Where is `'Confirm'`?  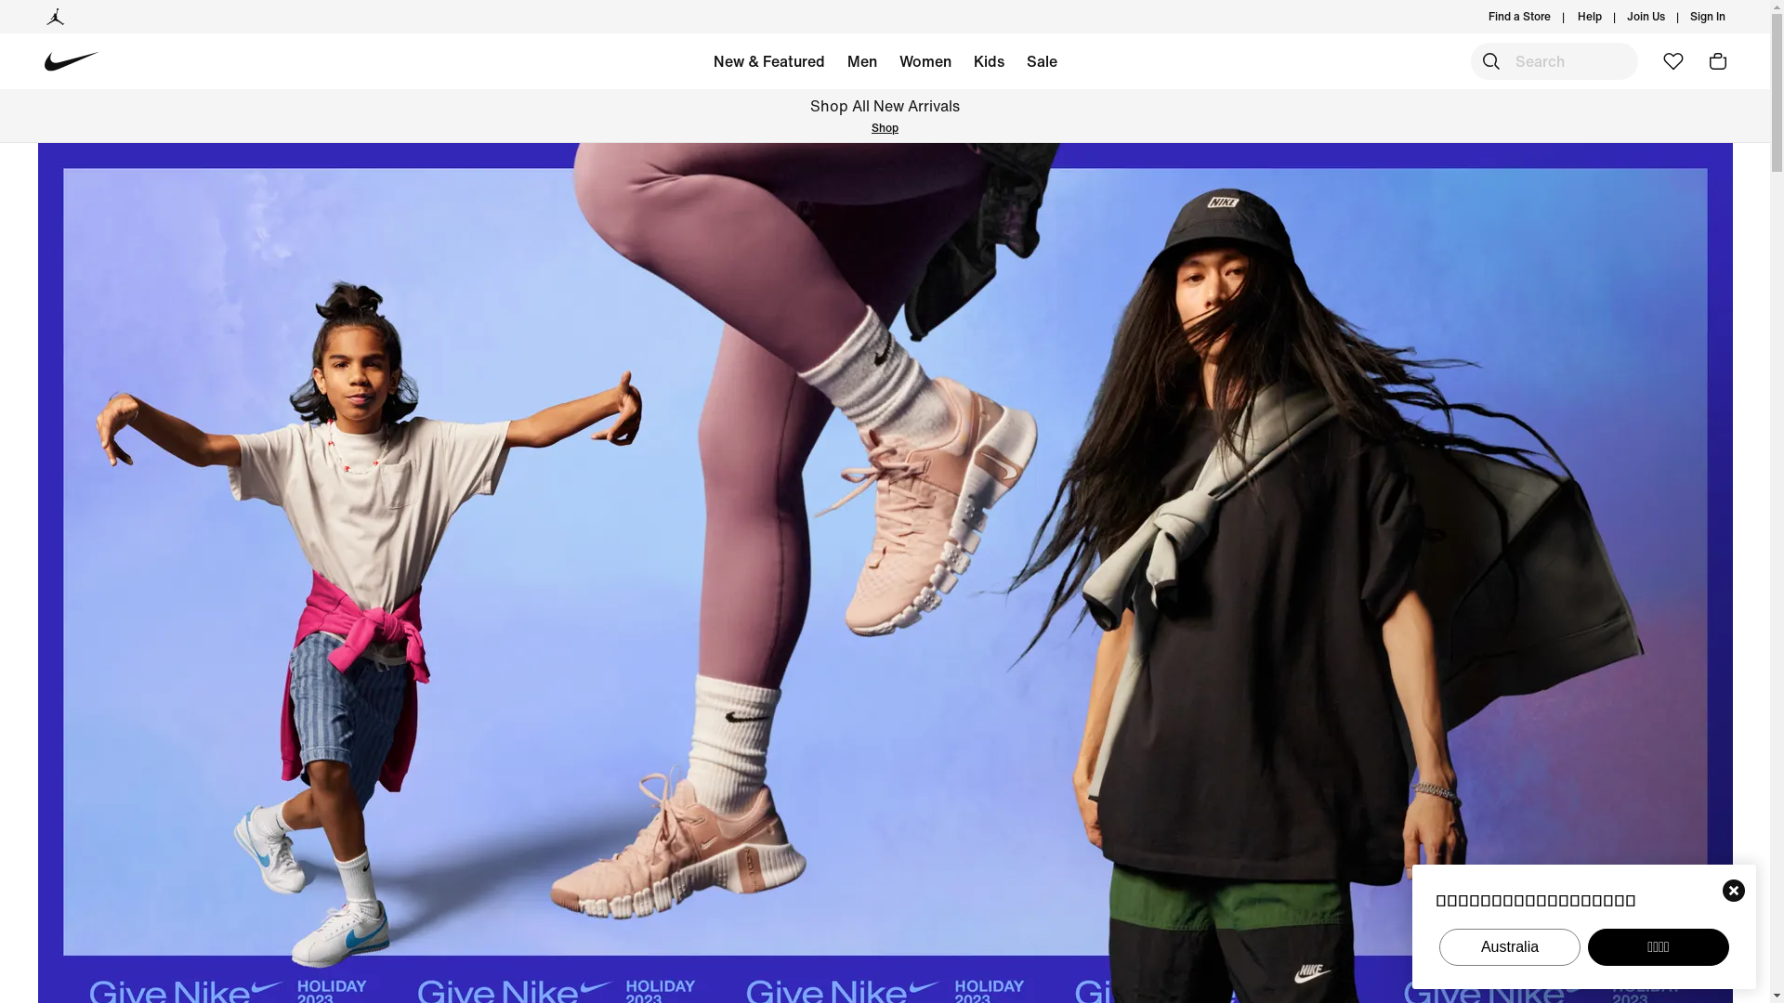
'Confirm' is located at coordinates (1733, 890).